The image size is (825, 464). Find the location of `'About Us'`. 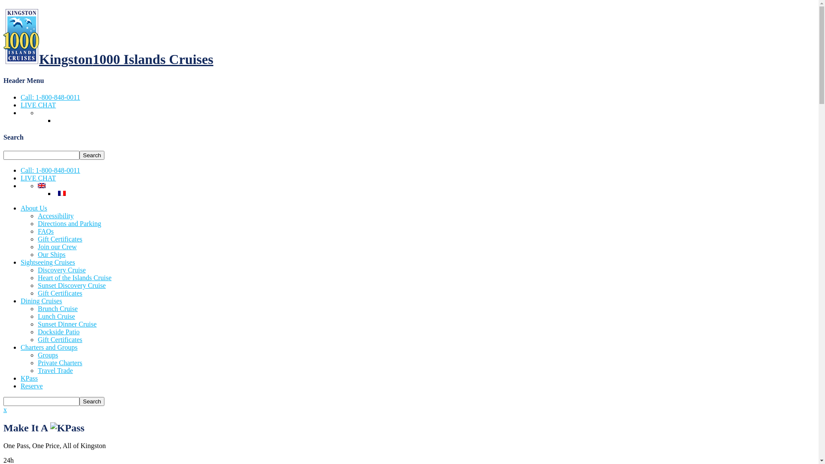

'About Us' is located at coordinates (34, 208).